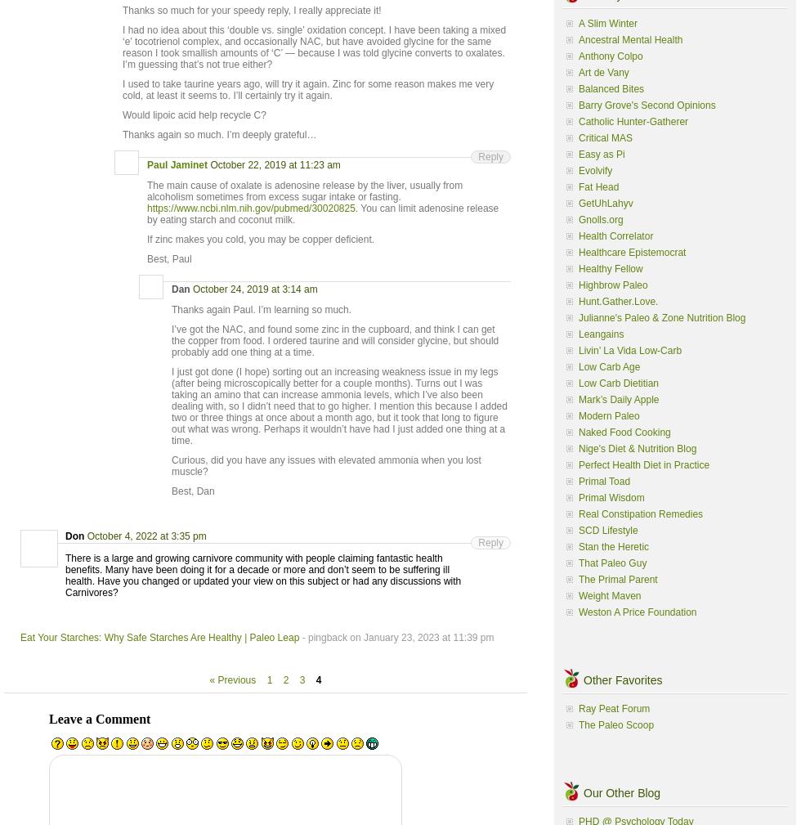 This screenshot has height=825, width=801. I want to click on 'October 22, 2019 at 11:23 am', so click(275, 164).